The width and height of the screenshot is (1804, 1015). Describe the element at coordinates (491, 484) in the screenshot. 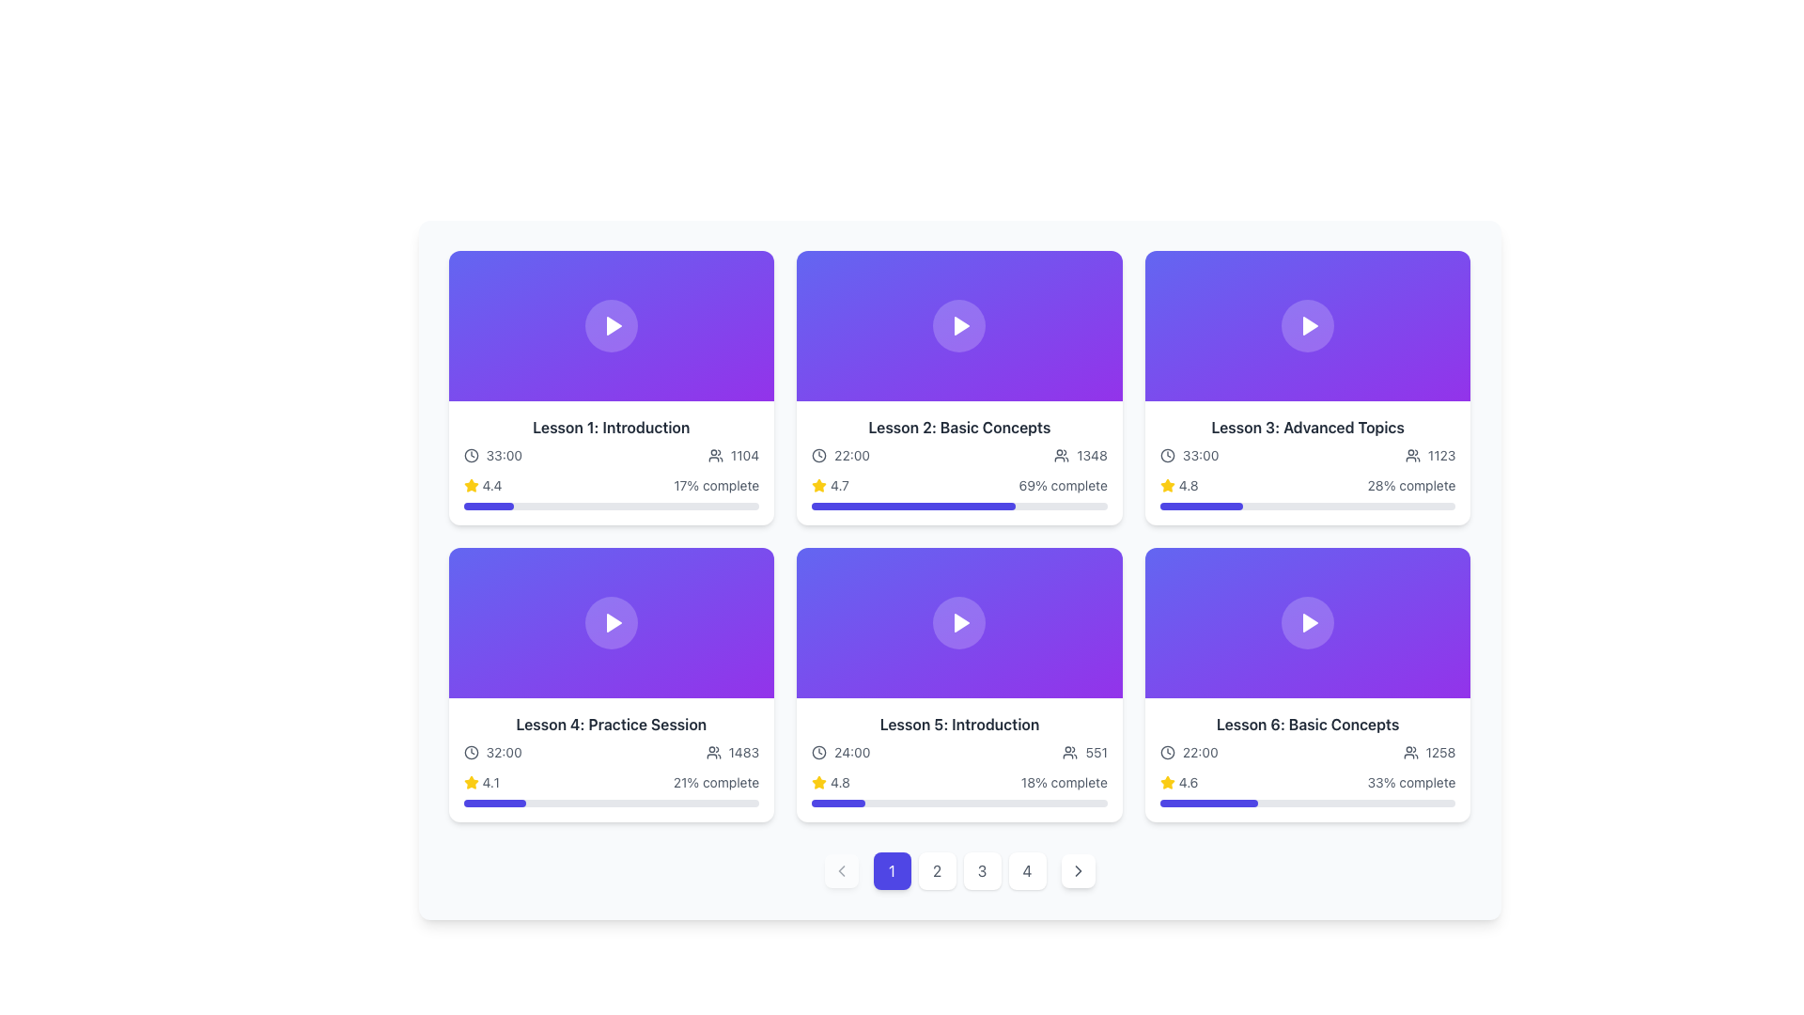

I see `displayed rating value '4.4' from the text element located to the right of the yellow star icon in the rating section of the first lesson card` at that location.